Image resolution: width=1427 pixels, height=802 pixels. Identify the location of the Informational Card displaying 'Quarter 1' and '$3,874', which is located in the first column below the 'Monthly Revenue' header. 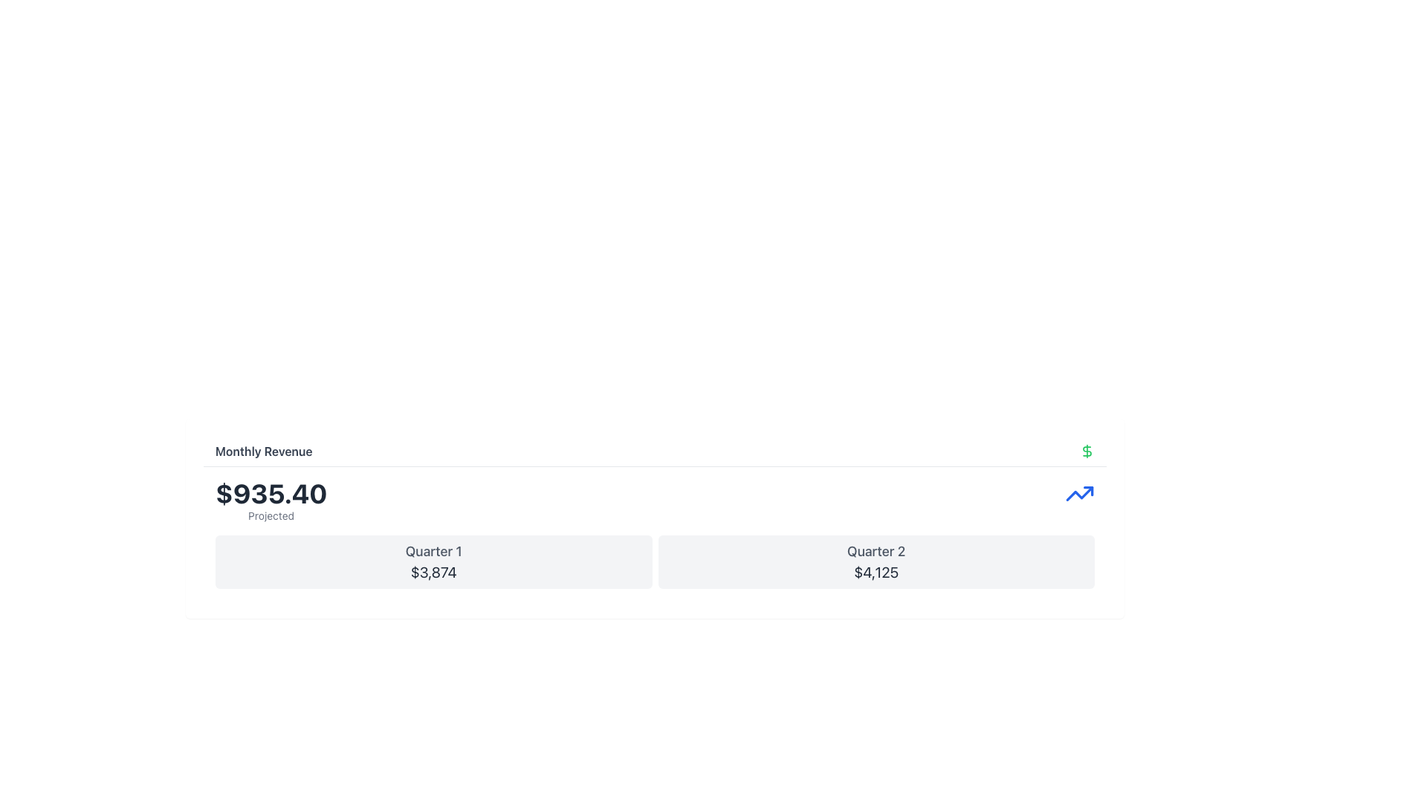
(433, 561).